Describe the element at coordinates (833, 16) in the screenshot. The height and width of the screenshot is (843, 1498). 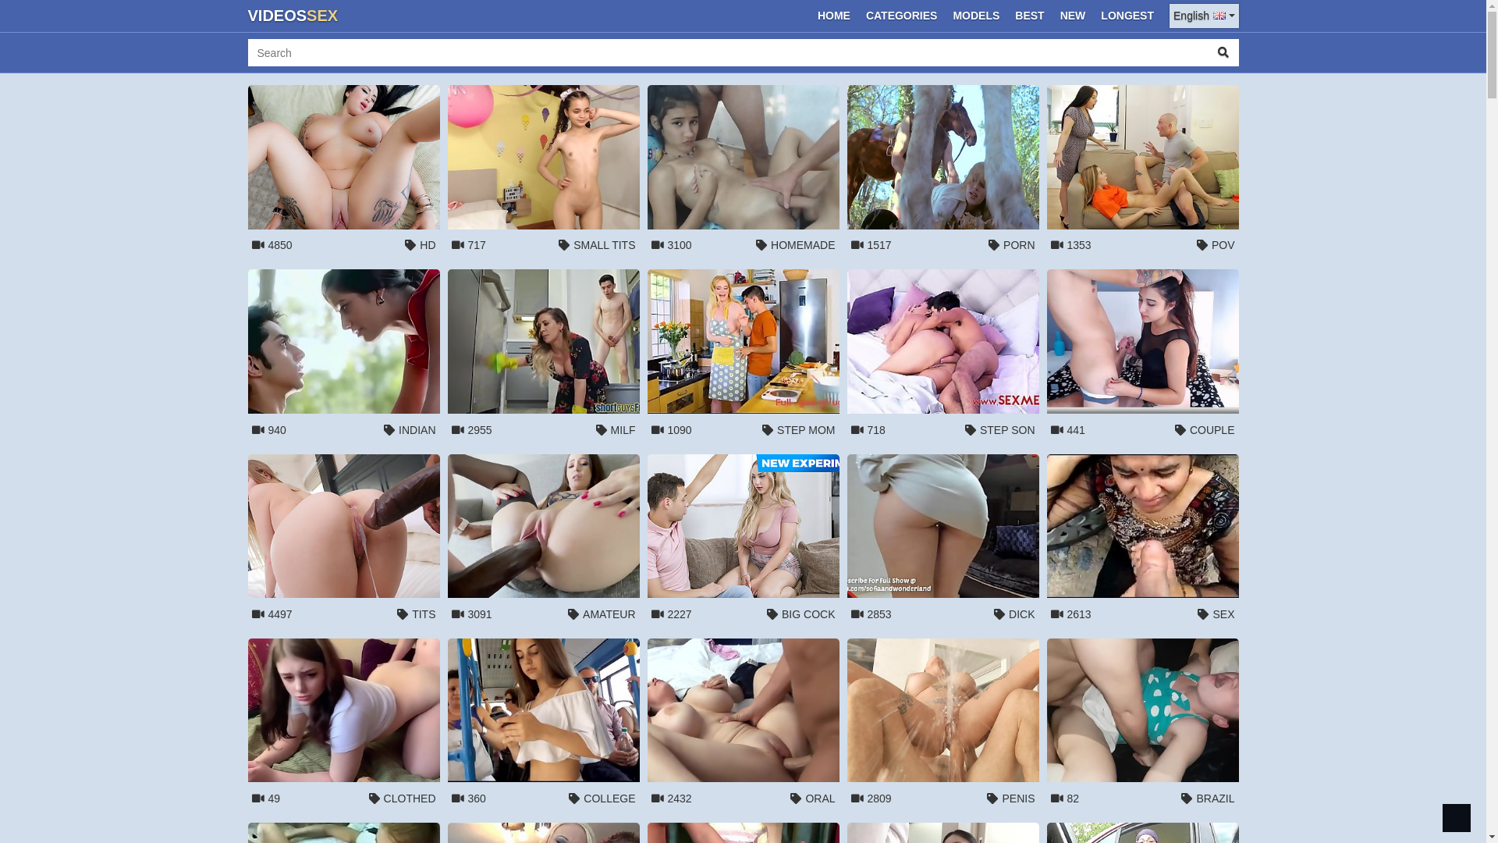
I see `'HOME'` at that location.